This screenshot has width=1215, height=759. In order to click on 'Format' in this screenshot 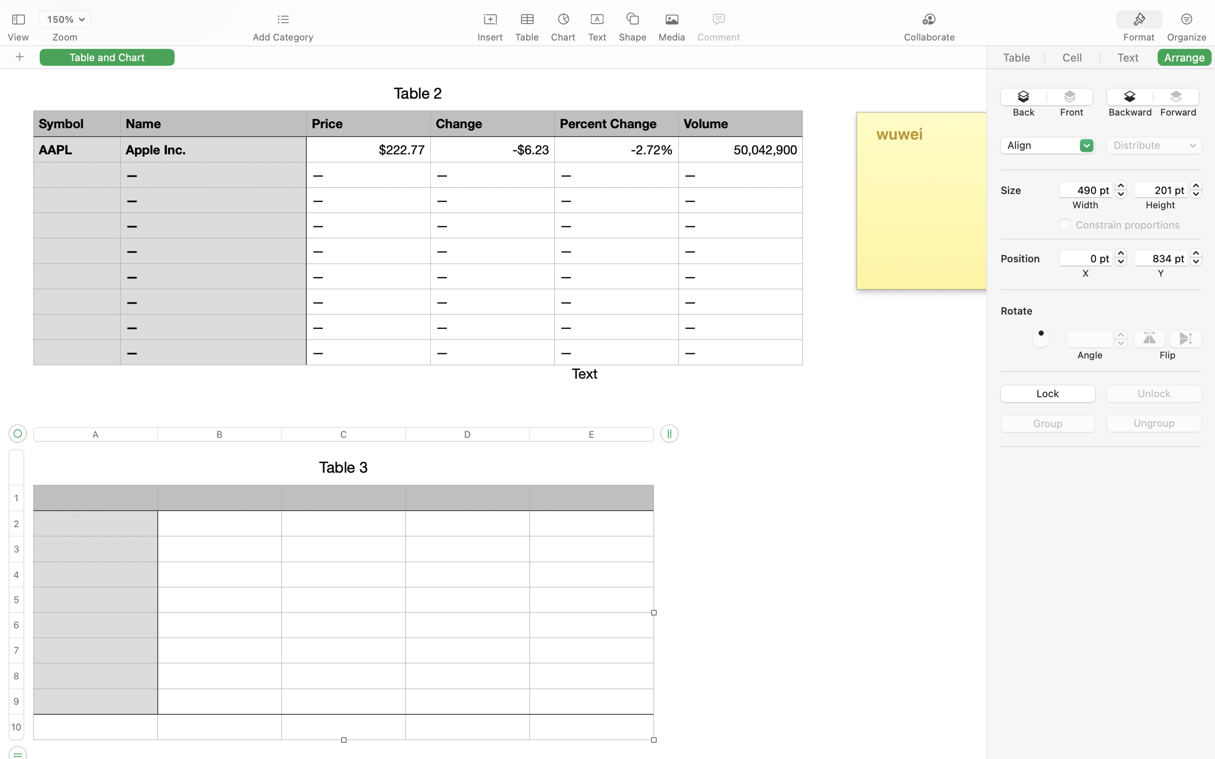, I will do `click(1139, 37)`.